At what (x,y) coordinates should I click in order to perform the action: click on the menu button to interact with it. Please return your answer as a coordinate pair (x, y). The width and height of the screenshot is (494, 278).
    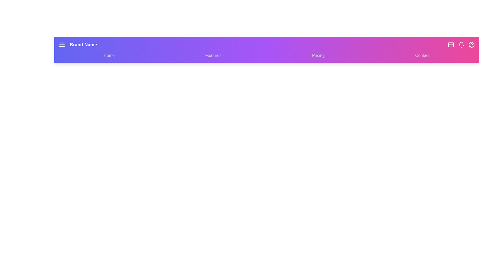
    Looking at the image, I should click on (62, 44).